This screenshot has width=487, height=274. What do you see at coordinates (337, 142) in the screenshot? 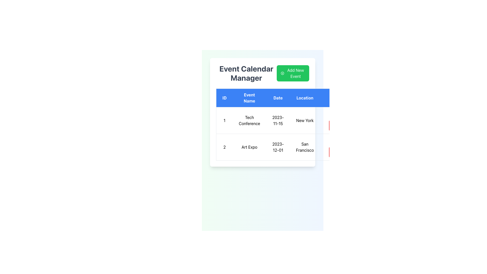
I see `the edit button located to the right of the 'Art Expo' event details row in the table` at bounding box center [337, 142].